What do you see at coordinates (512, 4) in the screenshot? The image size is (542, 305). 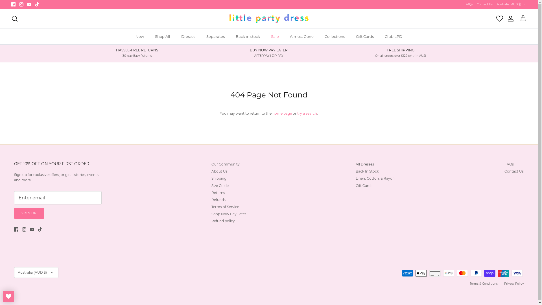 I see `'Australia (AUD $)` at bounding box center [512, 4].